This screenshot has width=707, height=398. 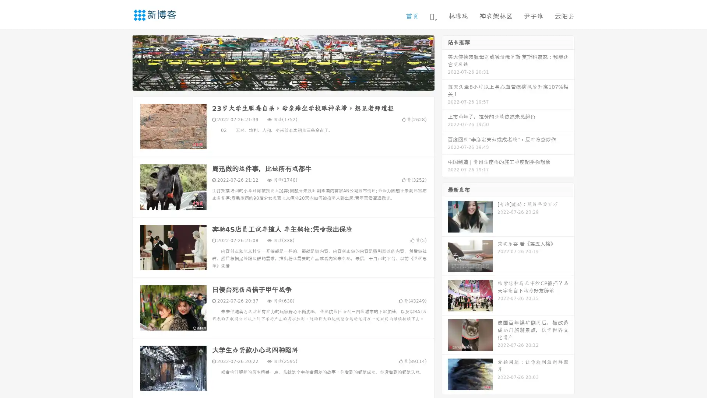 What do you see at coordinates (291, 83) in the screenshot?
I see `Go to slide 3` at bounding box center [291, 83].